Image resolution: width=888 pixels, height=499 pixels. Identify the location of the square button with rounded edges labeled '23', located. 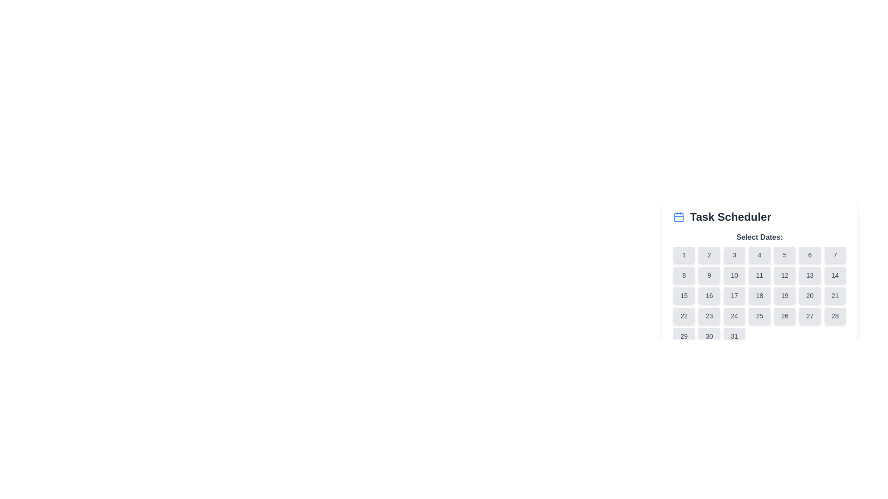
(709, 315).